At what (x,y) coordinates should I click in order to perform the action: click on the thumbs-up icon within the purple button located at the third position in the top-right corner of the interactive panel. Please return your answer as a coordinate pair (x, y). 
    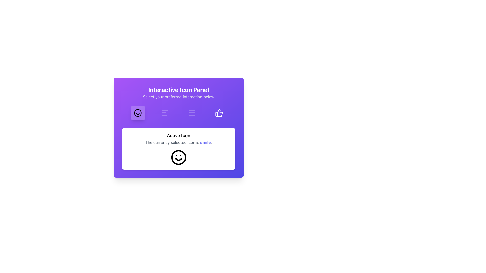
    Looking at the image, I should click on (219, 113).